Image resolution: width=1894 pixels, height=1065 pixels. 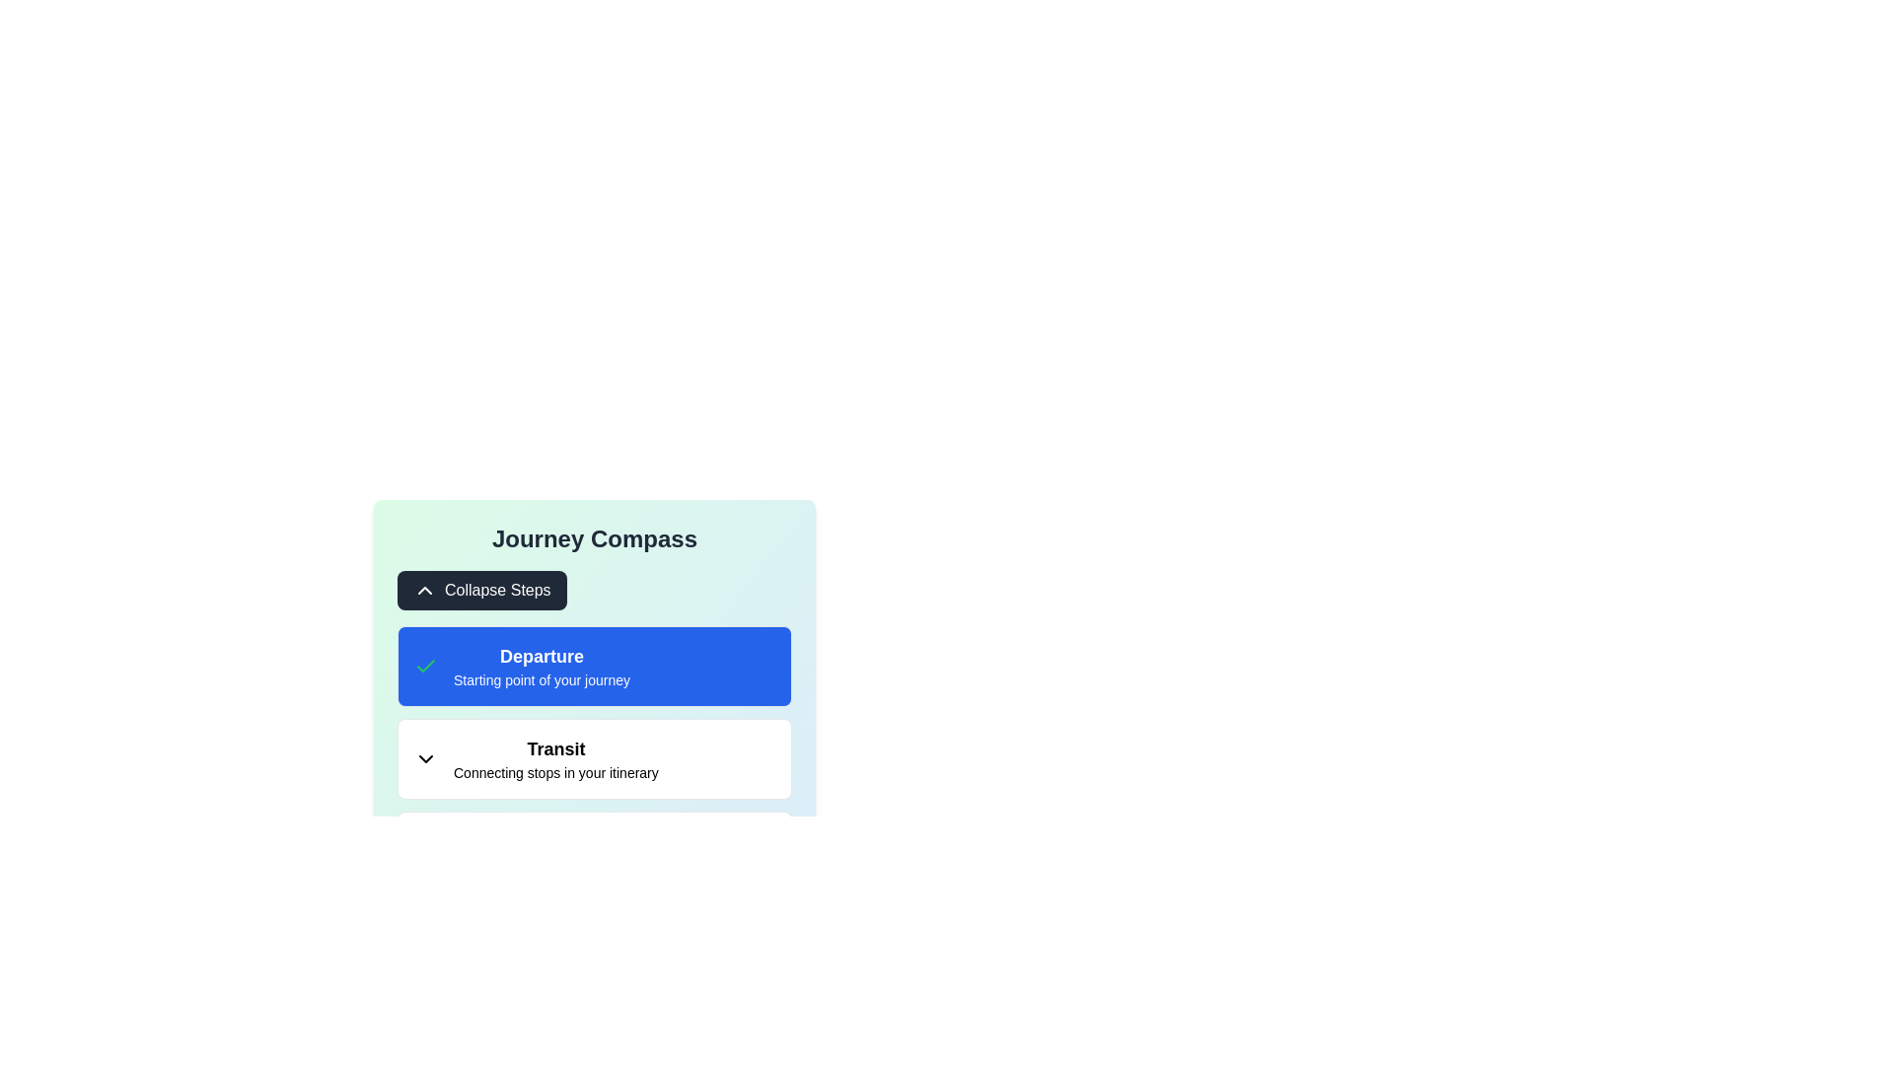 What do you see at coordinates (554, 758) in the screenshot?
I see `the 'Transit' text label located within the 'Departure' card in the journey interface` at bounding box center [554, 758].